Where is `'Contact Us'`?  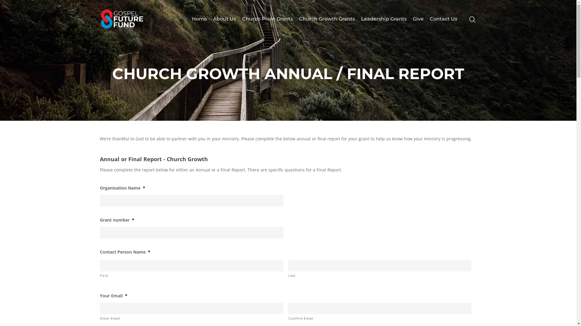
'Contact Us' is located at coordinates (443, 18).